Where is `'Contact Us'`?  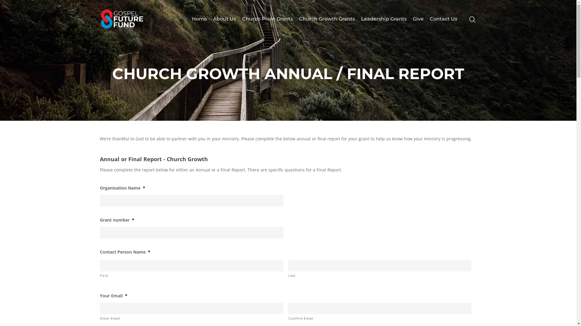
'Contact Us' is located at coordinates (443, 18).